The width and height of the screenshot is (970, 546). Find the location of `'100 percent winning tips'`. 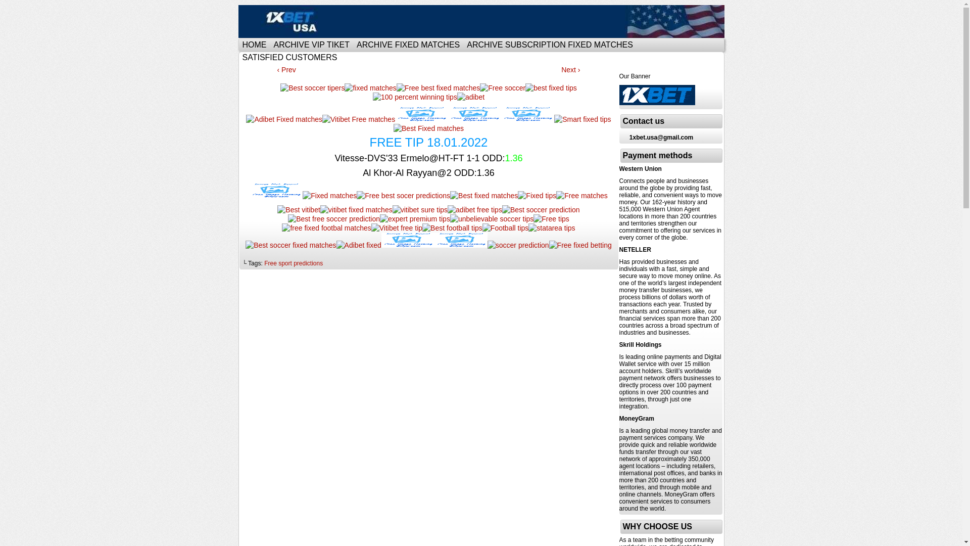

'100 percent winning tips' is located at coordinates (415, 97).